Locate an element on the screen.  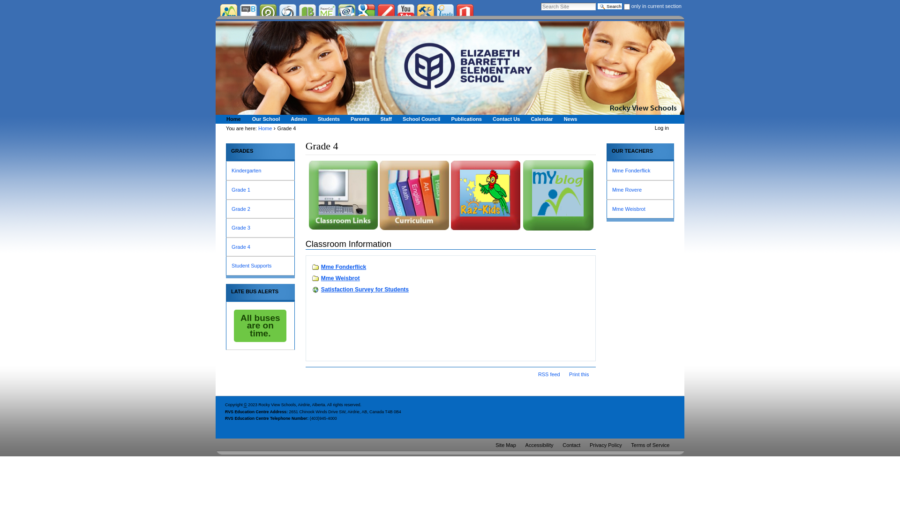
'Print this' is located at coordinates (578, 373).